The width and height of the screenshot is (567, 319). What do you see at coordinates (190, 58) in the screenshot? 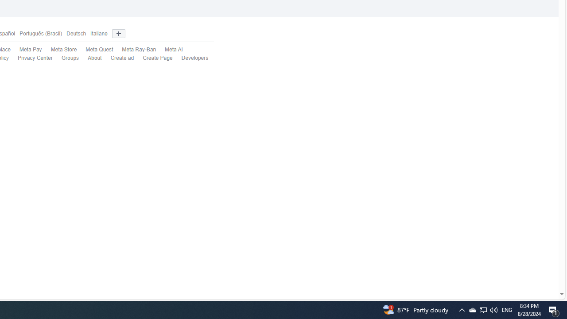
I see `'Developers'` at bounding box center [190, 58].